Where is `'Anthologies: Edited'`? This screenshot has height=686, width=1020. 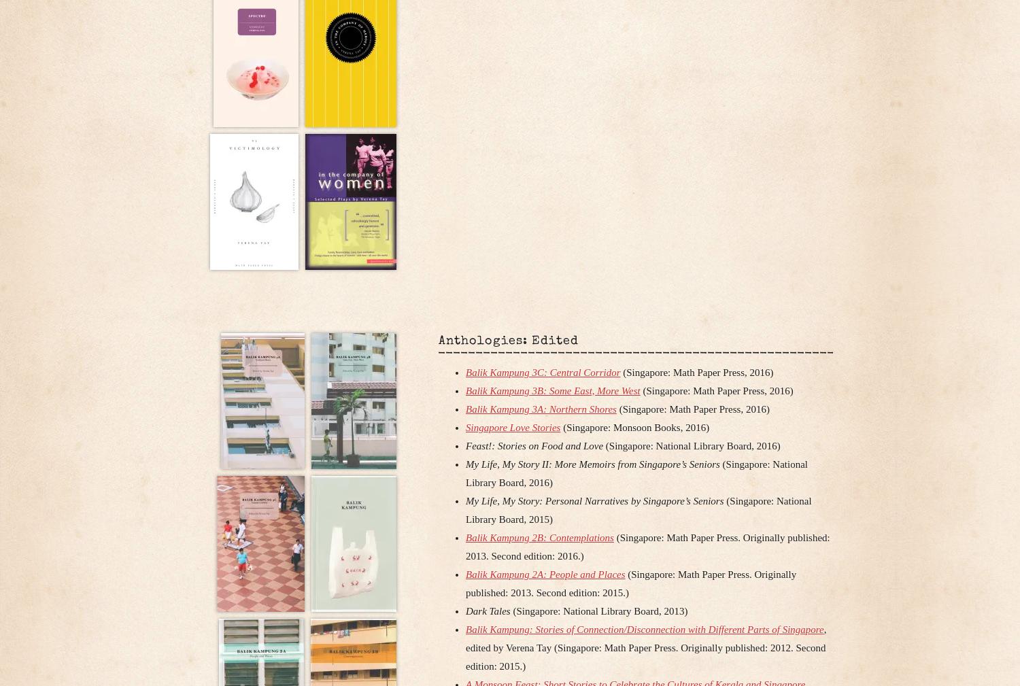
'Anthologies: Edited' is located at coordinates (508, 339).